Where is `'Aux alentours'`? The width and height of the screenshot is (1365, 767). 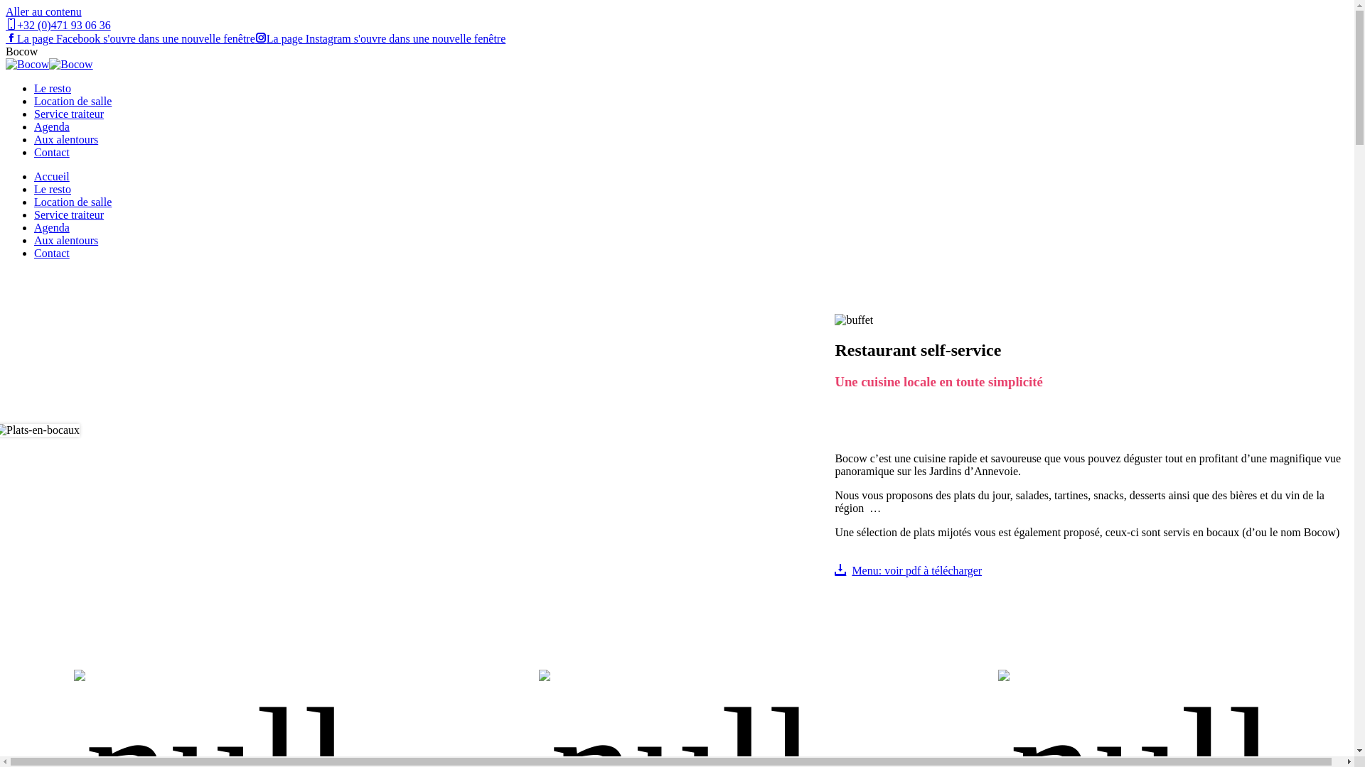
'Aux alentours' is located at coordinates (65, 139).